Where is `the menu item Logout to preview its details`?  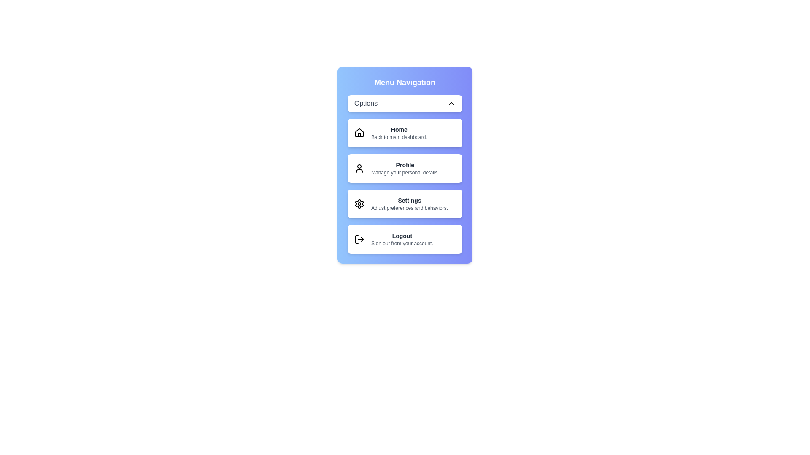
the menu item Logout to preview its details is located at coordinates (405, 239).